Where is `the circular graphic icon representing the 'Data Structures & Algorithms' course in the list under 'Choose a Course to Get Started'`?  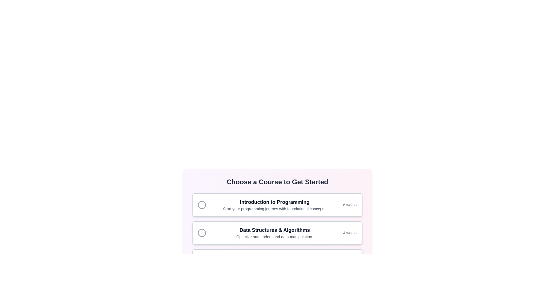 the circular graphic icon representing the 'Data Structures & Algorithms' course in the list under 'Choose a Course to Get Started' is located at coordinates (201, 233).